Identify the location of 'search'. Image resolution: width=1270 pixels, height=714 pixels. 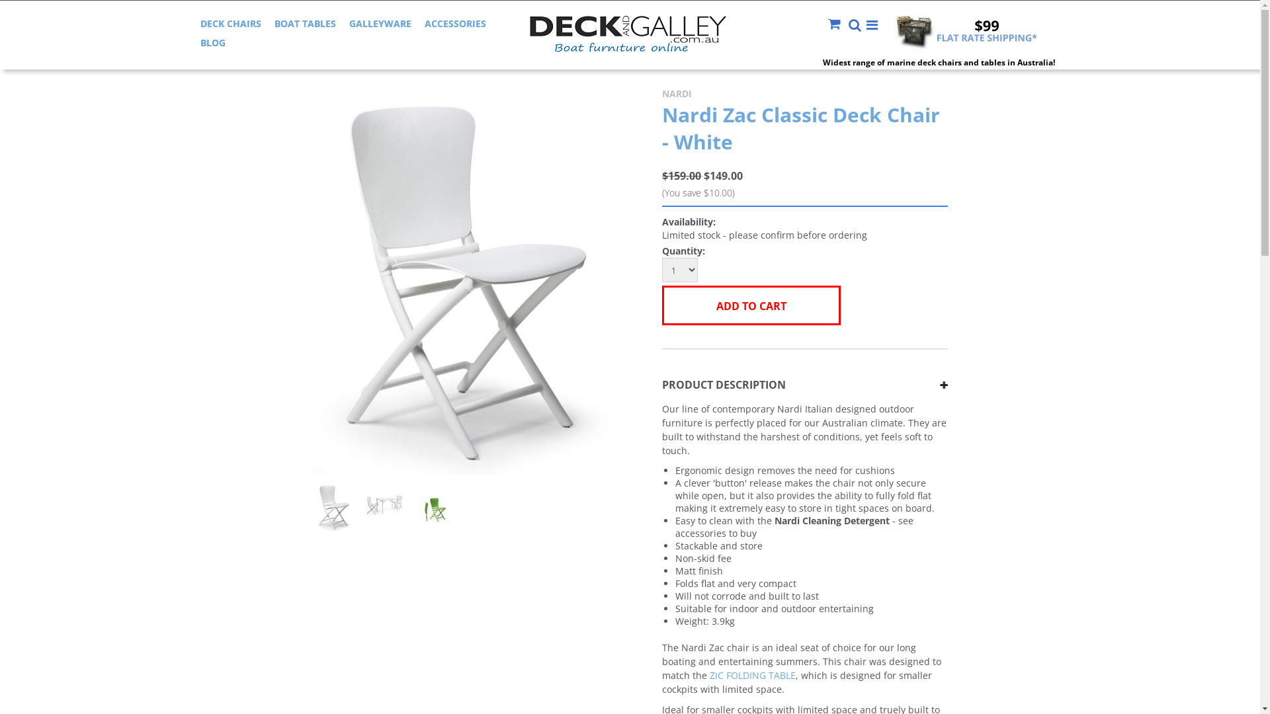
(855, 26).